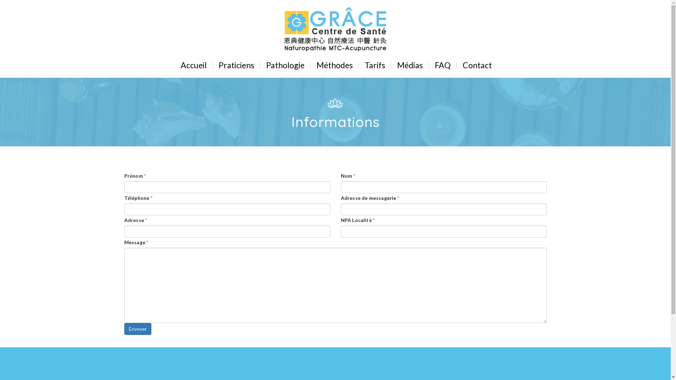 The height and width of the screenshot is (380, 676). What do you see at coordinates (285, 65) in the screenshot?
I see `'Pathologie'` at bounding box center [285, 65].